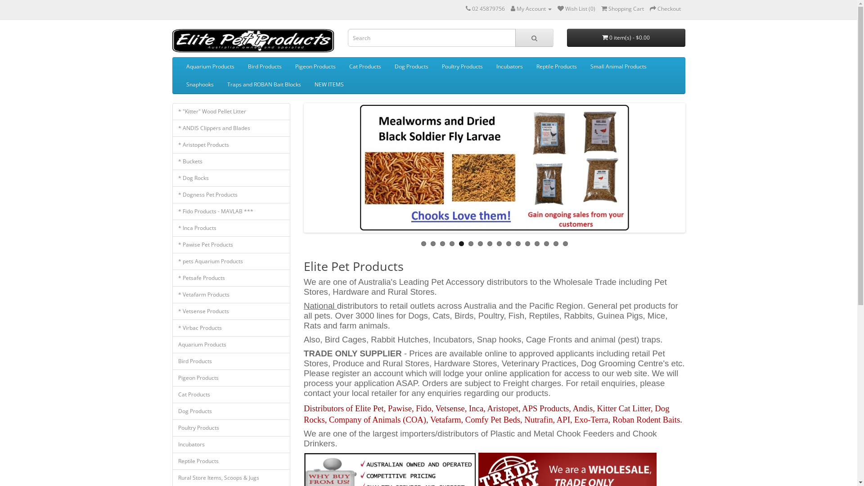  I want to click on '* Aristopet Products', so click(172, 144).